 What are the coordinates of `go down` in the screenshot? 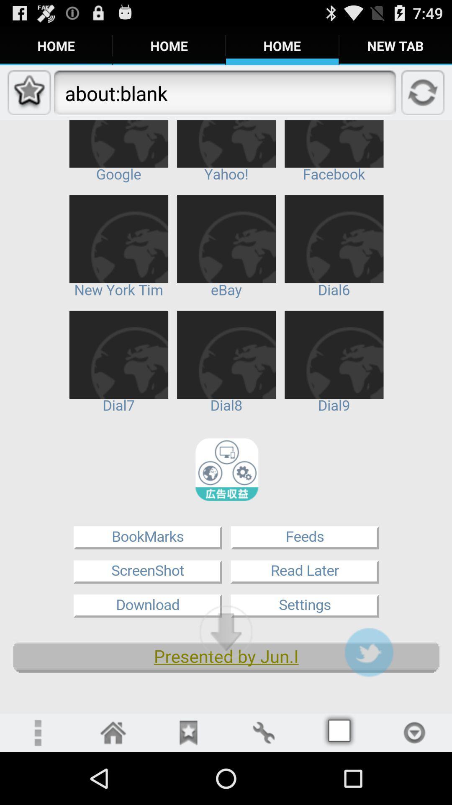 It's located at (226, 632).